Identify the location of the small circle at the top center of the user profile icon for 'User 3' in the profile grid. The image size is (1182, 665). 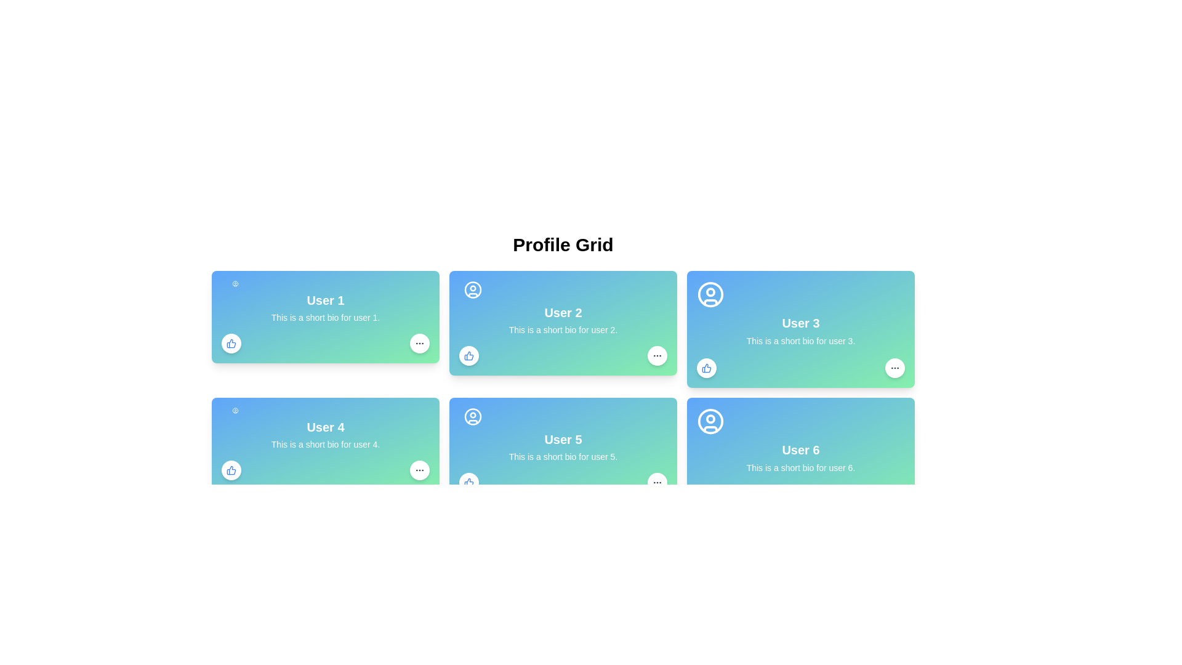
(710, 292).